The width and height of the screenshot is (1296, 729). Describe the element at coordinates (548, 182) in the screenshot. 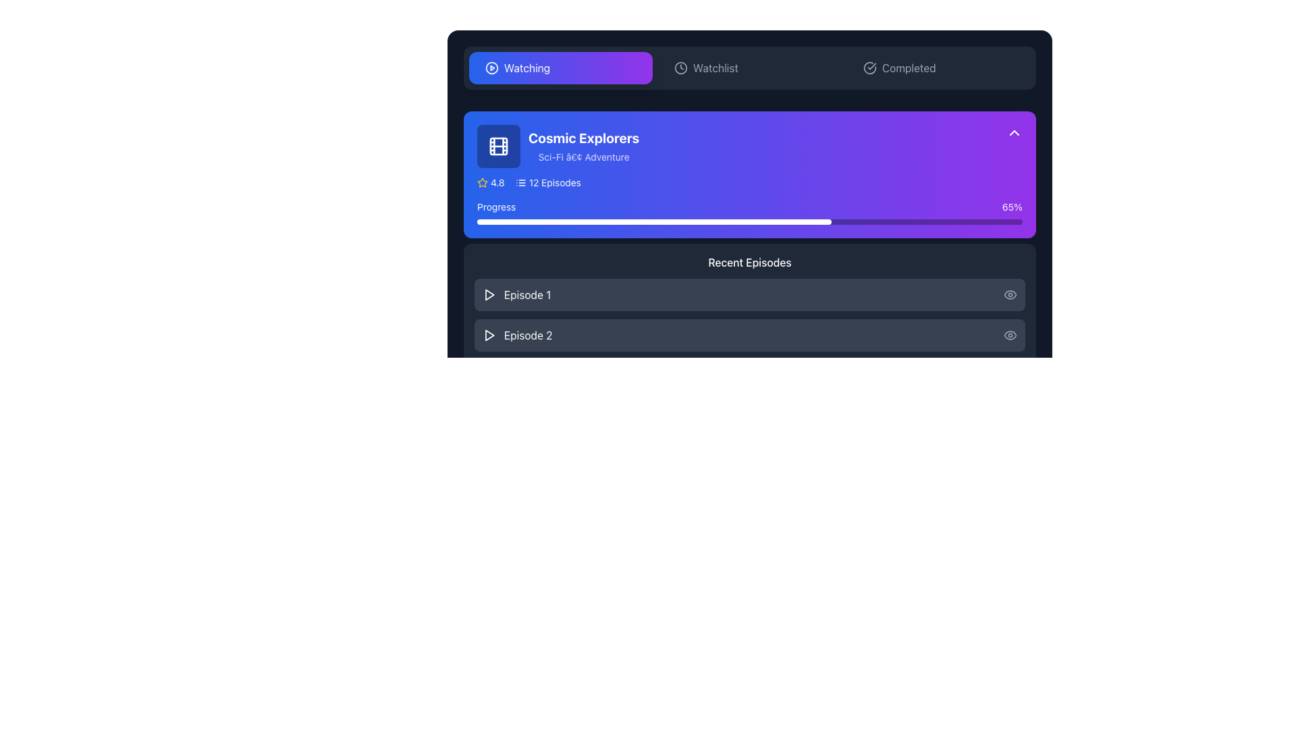

I see `the text element displaying '12 Episodes' with a list icon, located near the upper part of the section to the right of the star icon and its associated text ('4.8')` at that location.